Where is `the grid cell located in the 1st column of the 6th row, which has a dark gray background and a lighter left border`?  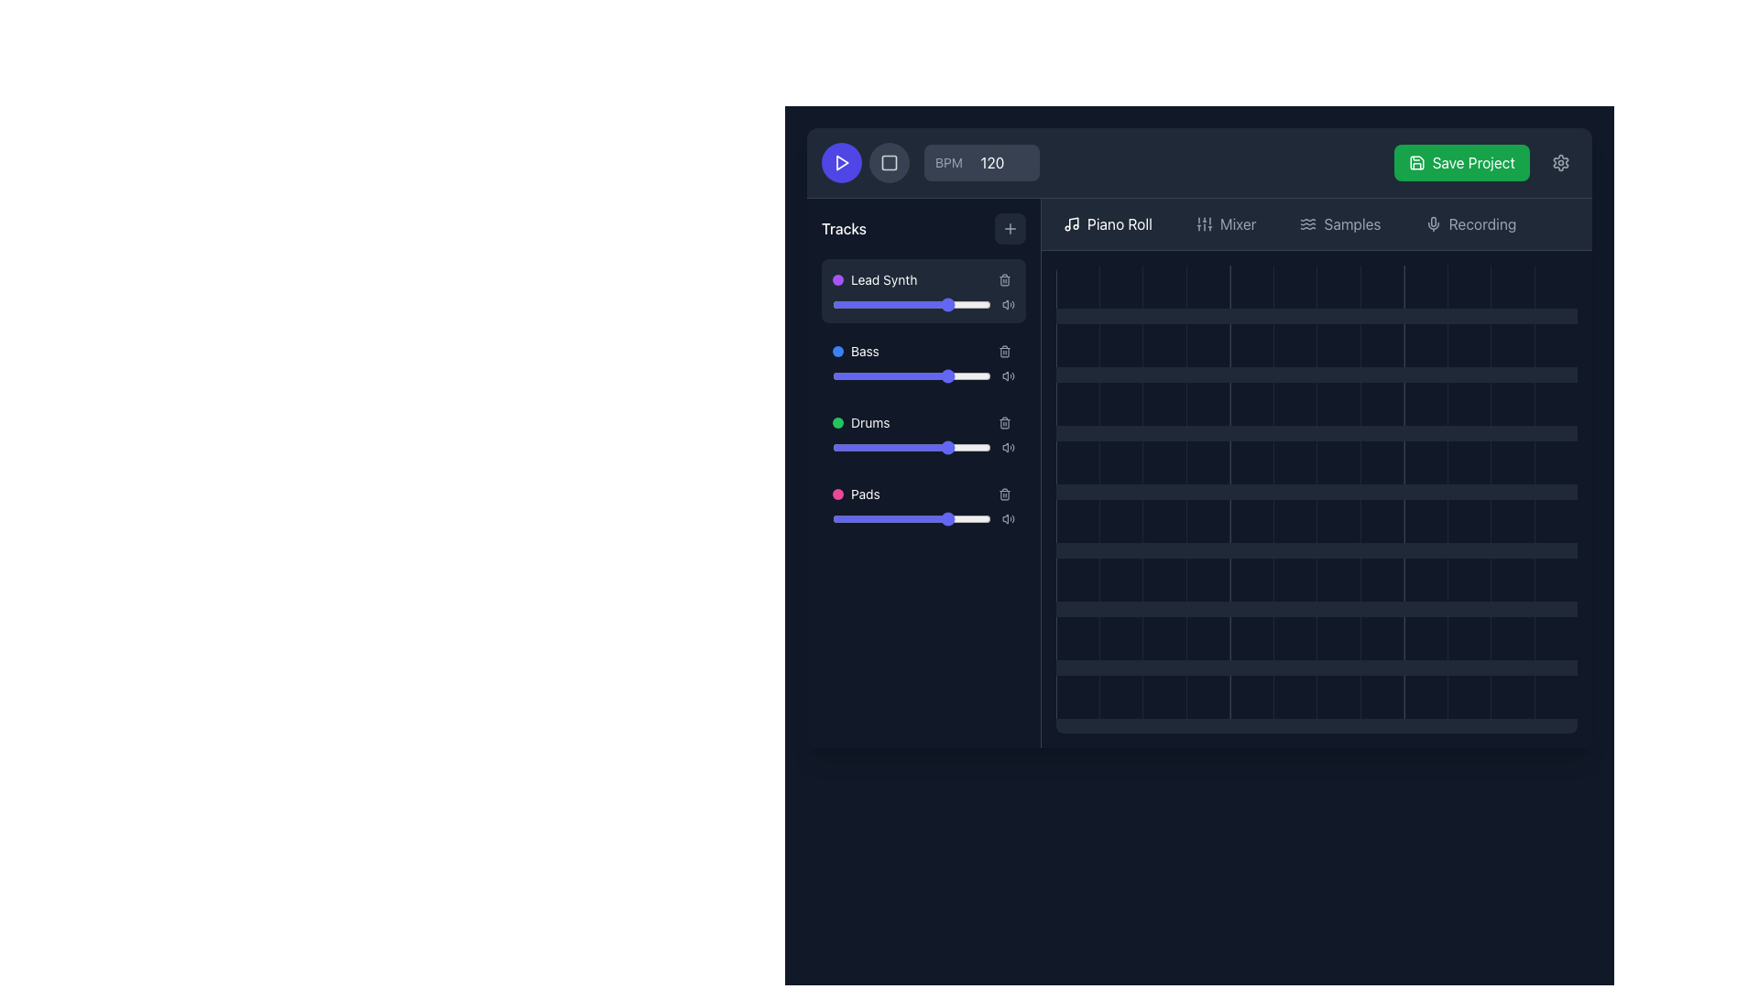 the grid cell located in the 1st column of the 6th row, which has a dark gray background and a lighter left border is located at coordinates (1077, 580).